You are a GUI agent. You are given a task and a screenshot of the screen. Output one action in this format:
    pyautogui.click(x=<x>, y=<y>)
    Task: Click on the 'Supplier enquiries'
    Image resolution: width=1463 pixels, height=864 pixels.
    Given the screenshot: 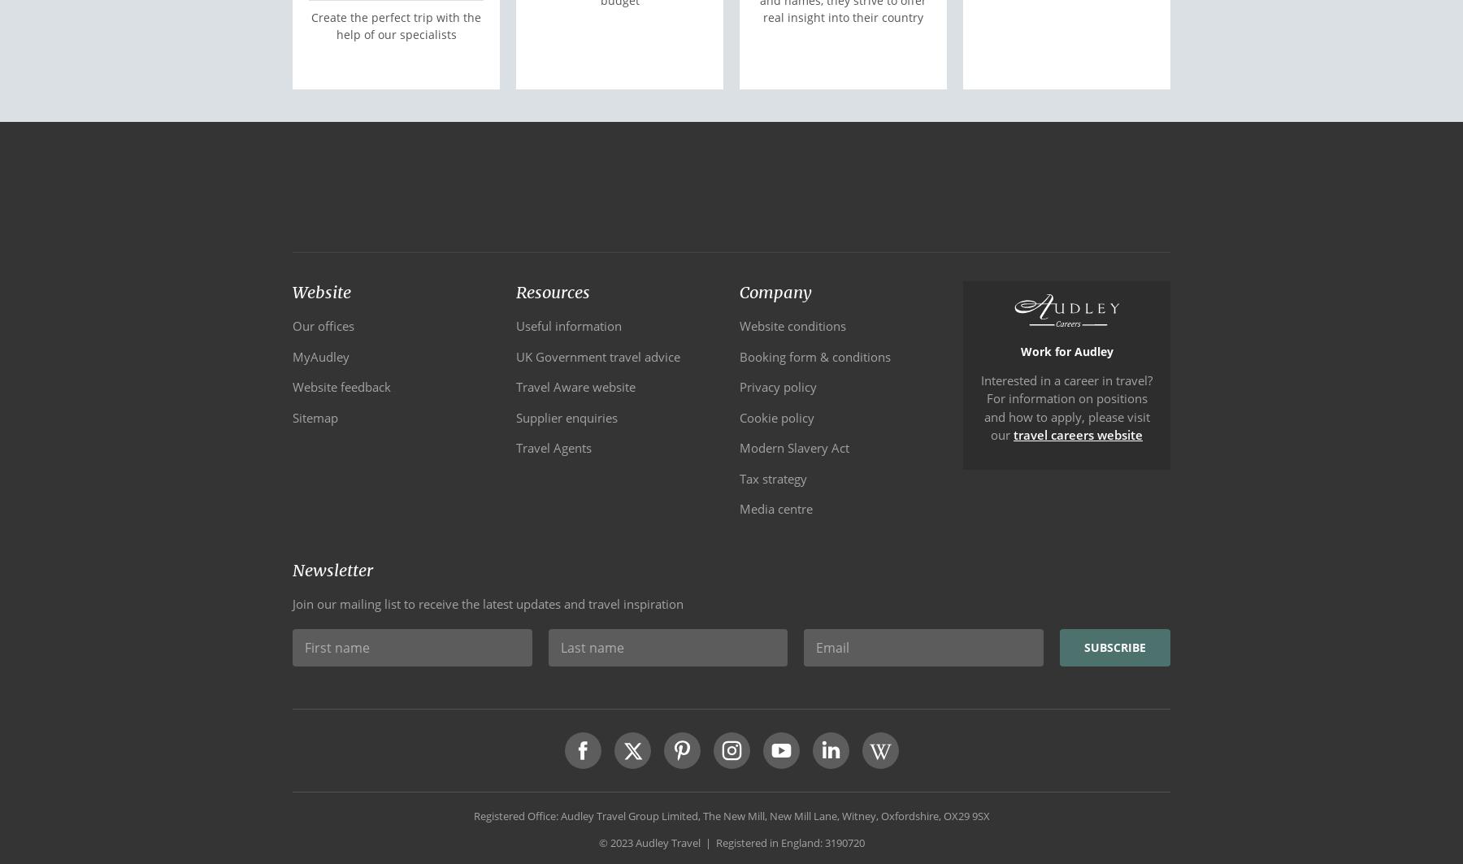 What is the action you would take?
    pyautogui.click(x=566, y=417)
    